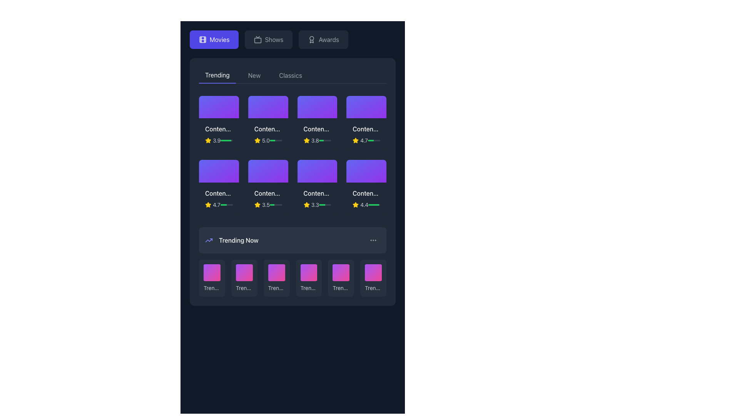  Describe the element at coordinates (325, 141) in the screenshot. I see `the progress bar located in the Movies tab, which visually represents numerical progress and is positioned below a star rating of '3.8'` at that location.